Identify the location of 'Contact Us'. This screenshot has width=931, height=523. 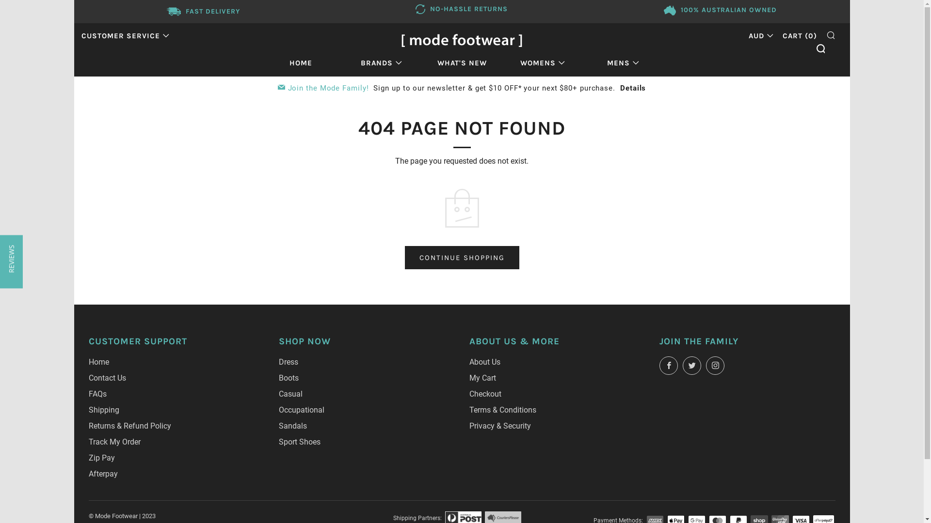
(107, 377).